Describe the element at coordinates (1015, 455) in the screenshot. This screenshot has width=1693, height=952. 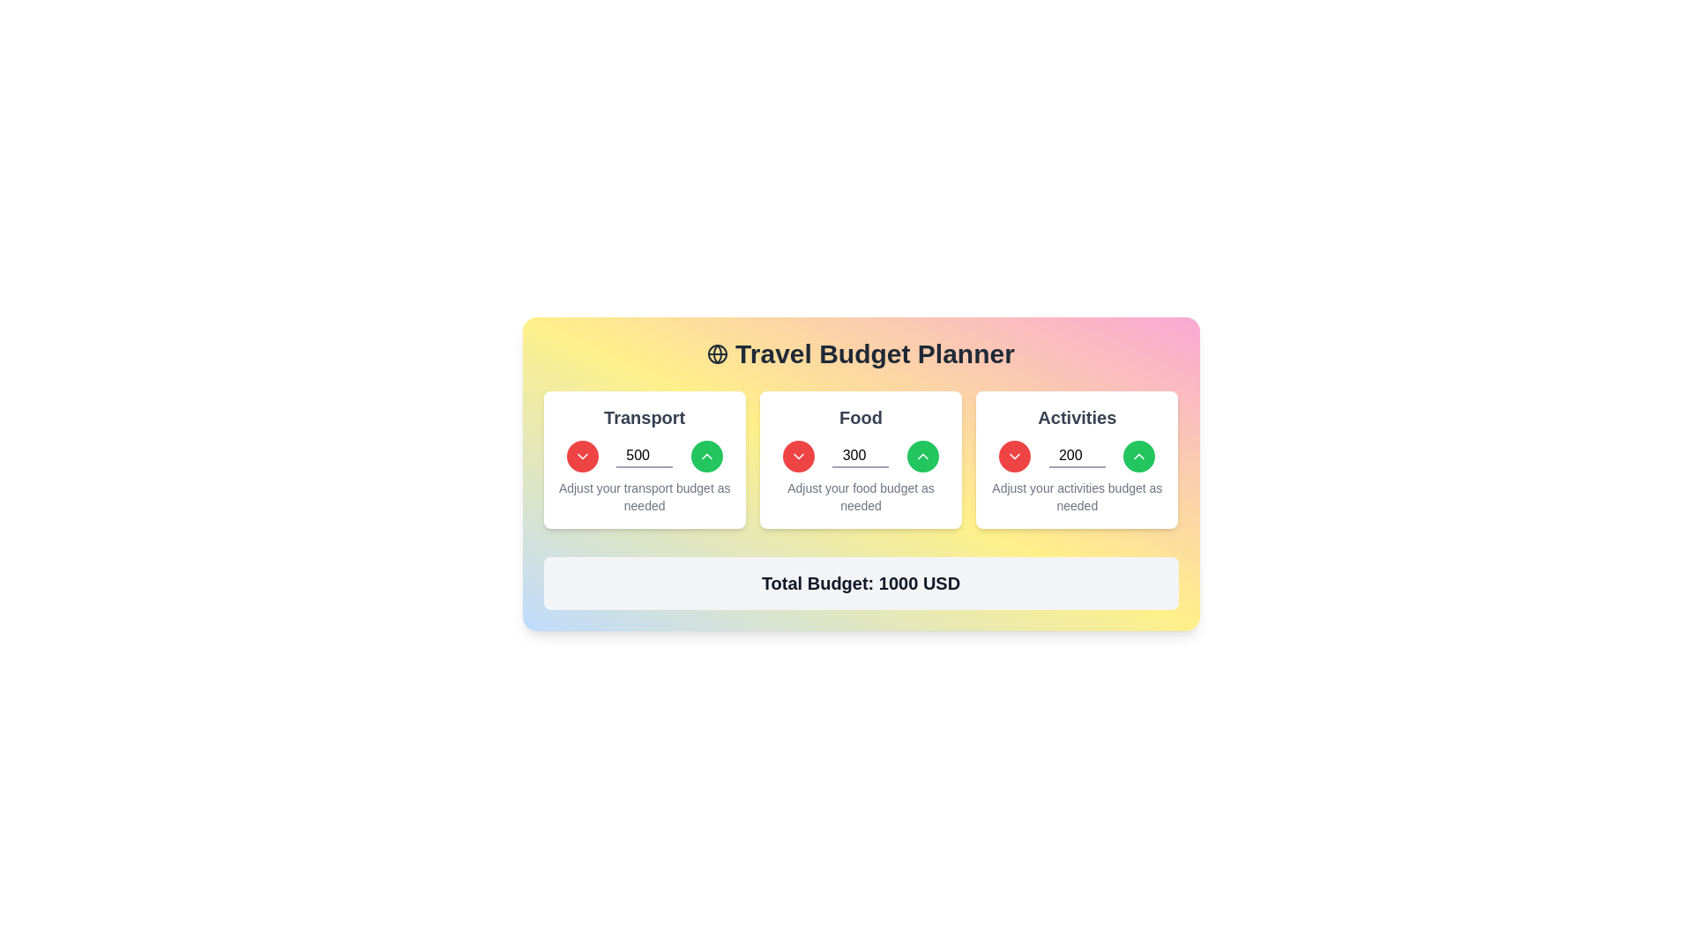
I see `the downward-facing red chevron icon located within a red circular button below the 'Transport' label in the first budget category card to decrease the value or collapse` at that location.